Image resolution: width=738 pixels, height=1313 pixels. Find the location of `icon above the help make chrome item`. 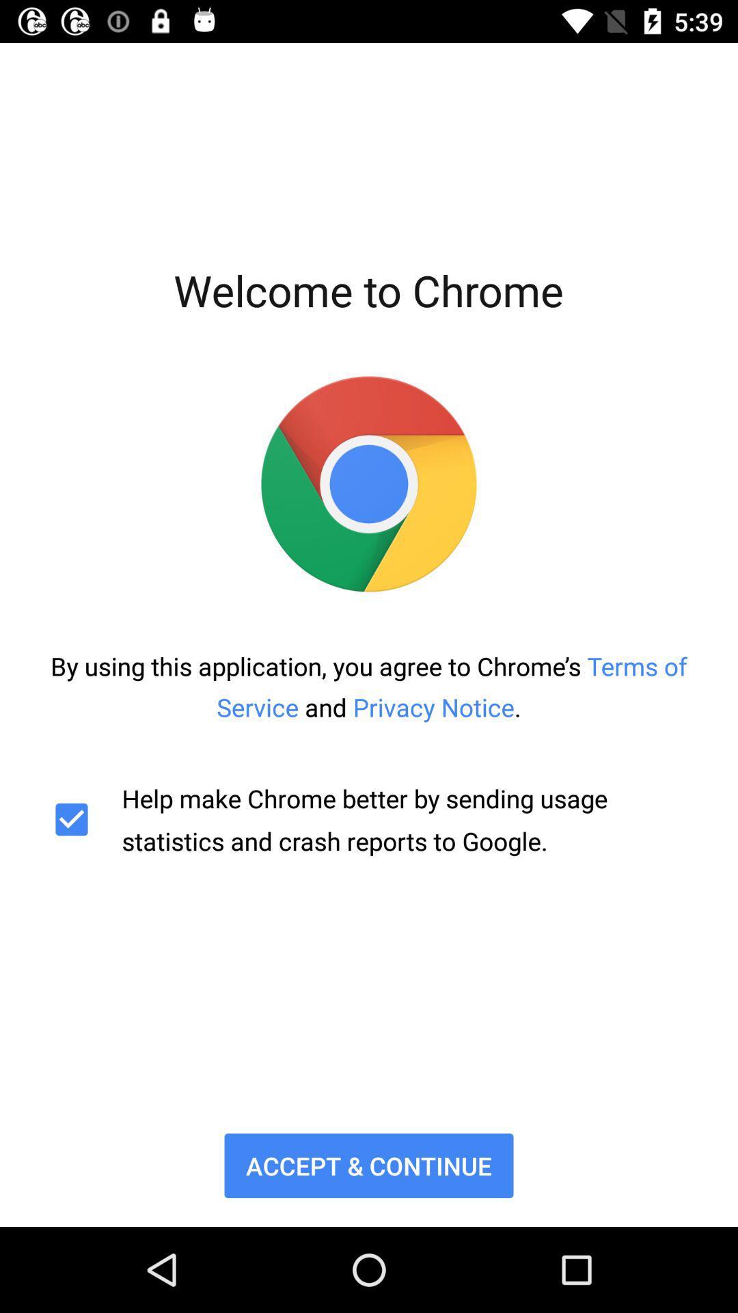

icon above the help make chrome item is located at coordinates (369, 687).